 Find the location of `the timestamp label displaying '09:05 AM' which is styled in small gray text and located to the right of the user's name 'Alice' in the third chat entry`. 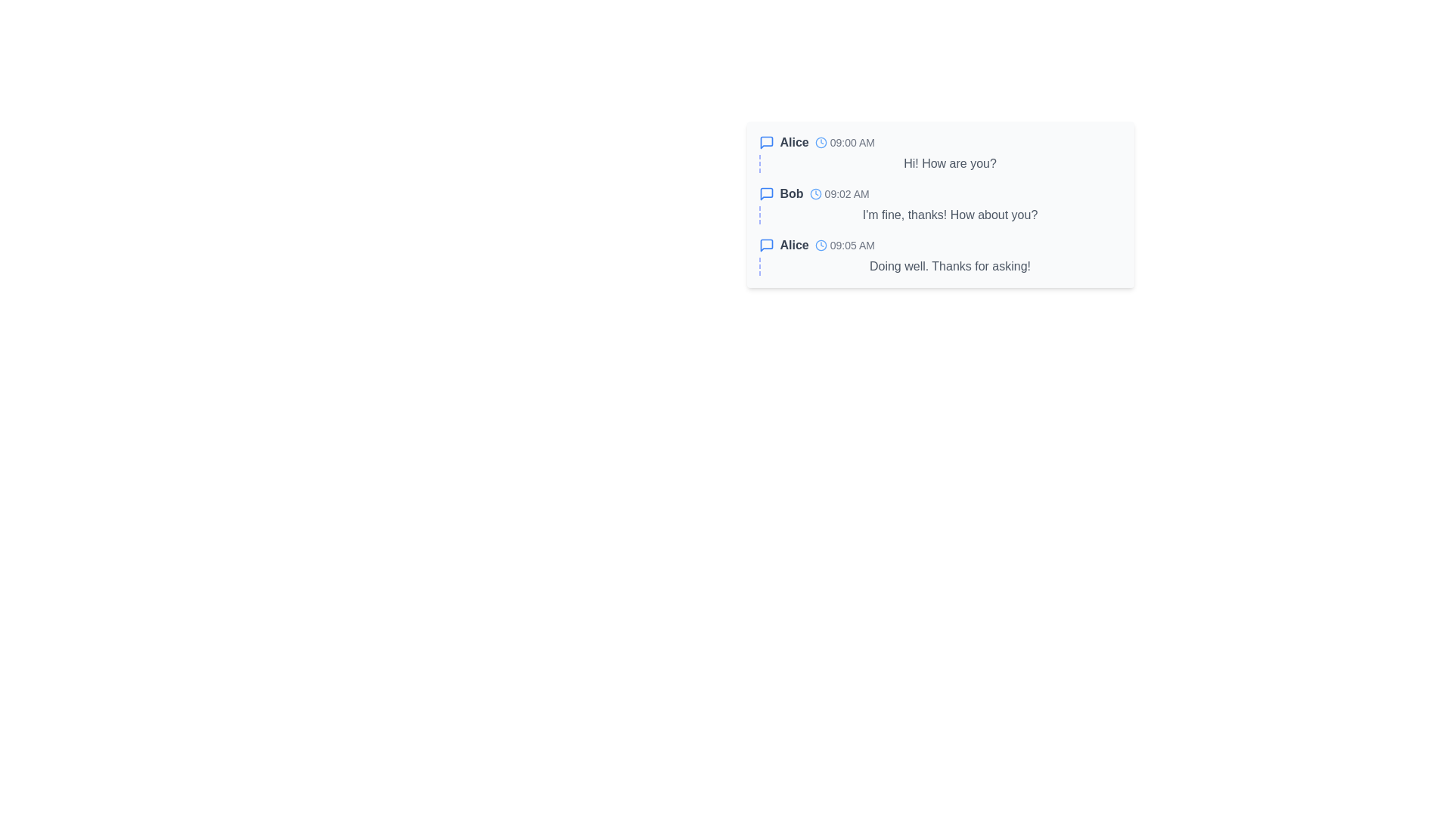

the timestamp label displaying '09:05 AM' which is styled in small gray text and located to the right of the user's name 'Alice' in the third chat entry is located at coordinates (844, 244).